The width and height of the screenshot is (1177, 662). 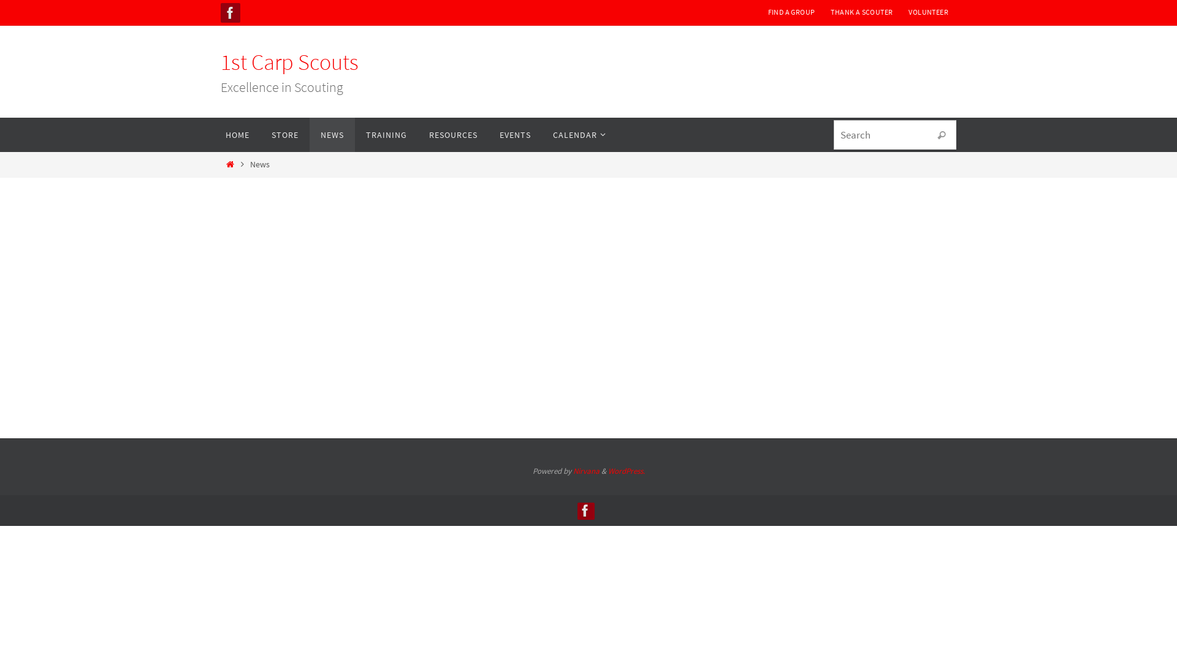 What do you see at coordinates (576, 511) in the screenshot?
I see `'1st Carp Scouting on Facebook'` at bounding box center [576, 511].